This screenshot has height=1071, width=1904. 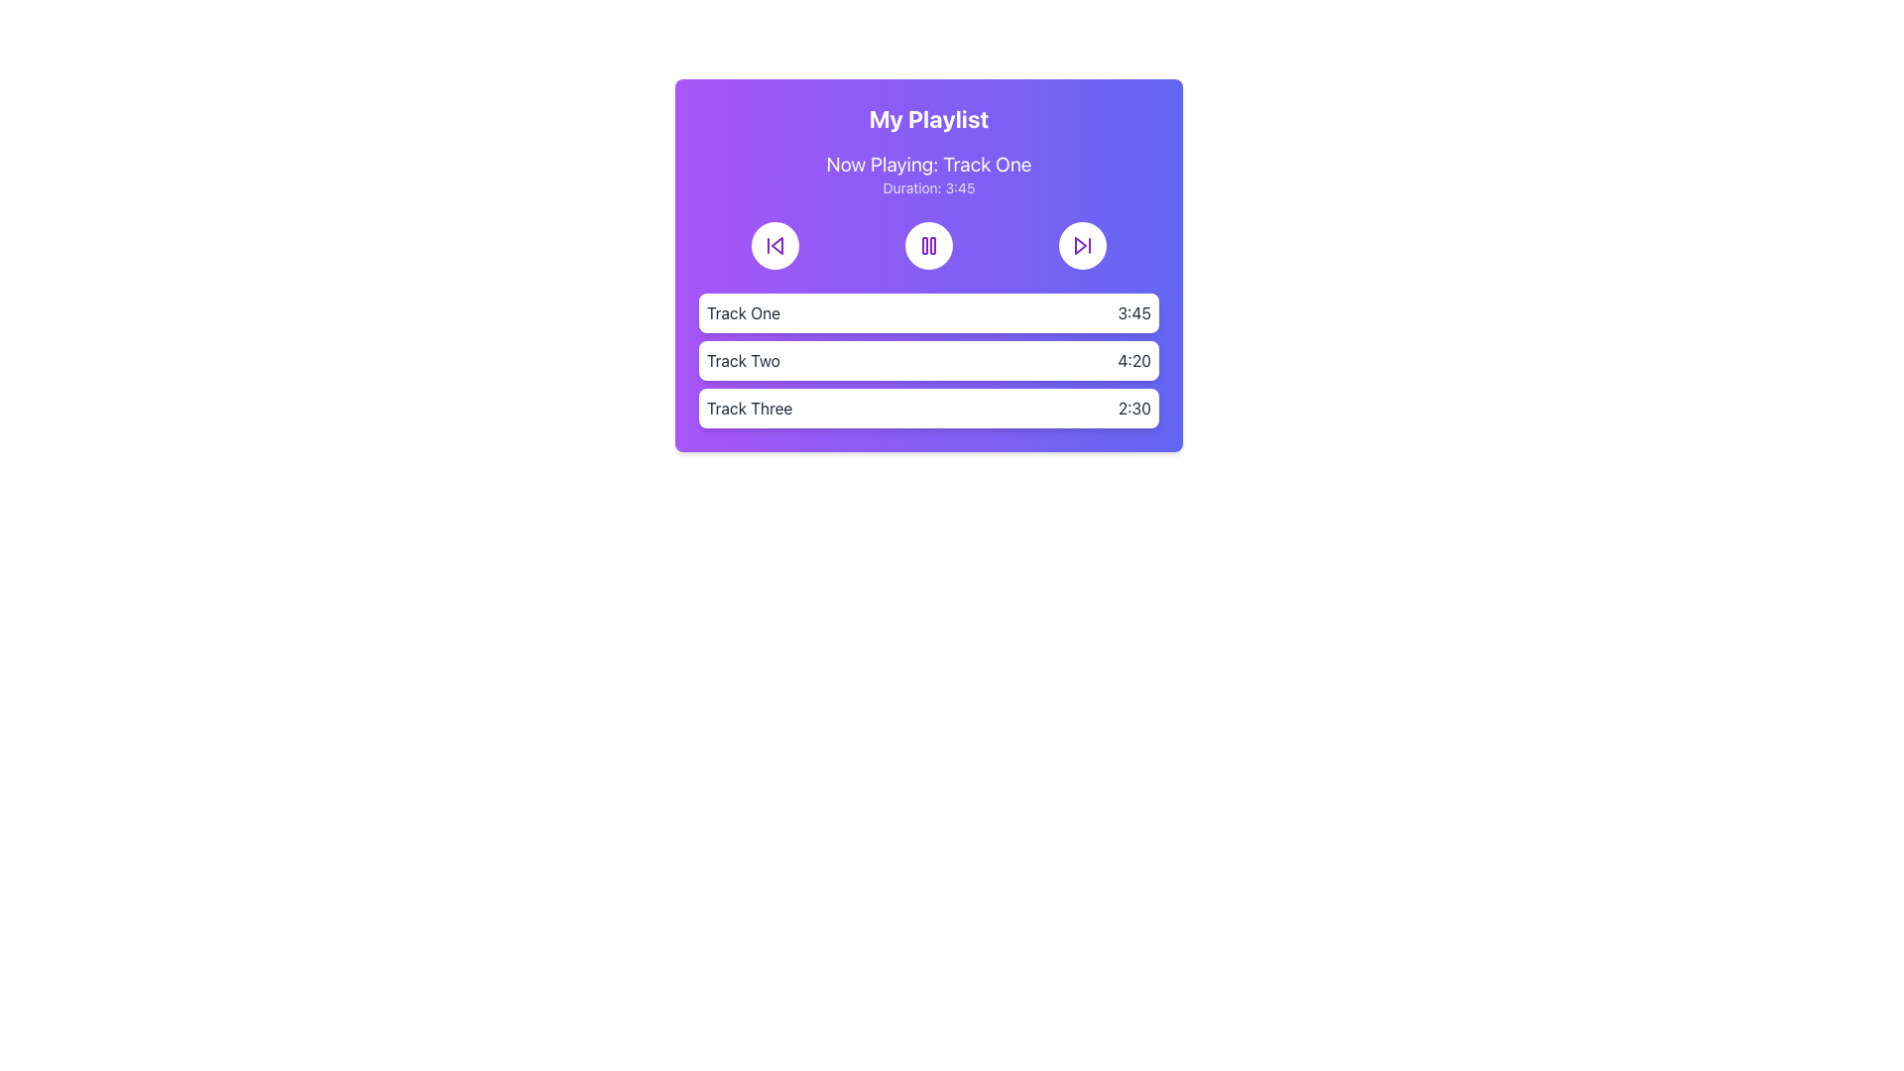 What do you see at coordinates (749, 408) in the screenshot?
I see `the 'Track Three' text label, which is styled with a clean font and located in a playlist interface, positioned below 'Track One' and 'Track Two'` at bounding box center [749, 408].